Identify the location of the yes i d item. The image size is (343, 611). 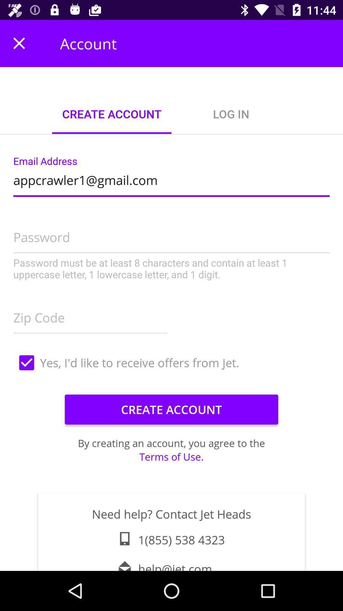
(171, 363).